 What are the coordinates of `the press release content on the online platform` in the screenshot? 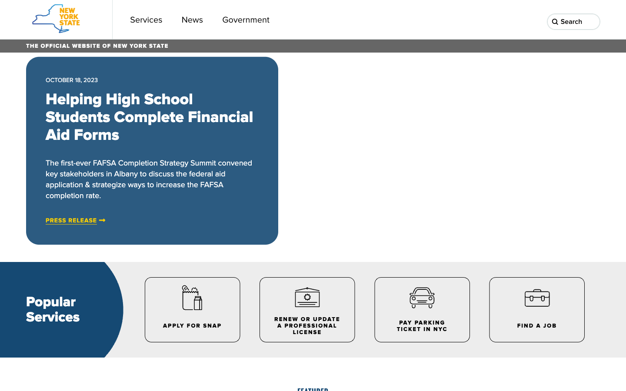 It's located at (102664, 198823).